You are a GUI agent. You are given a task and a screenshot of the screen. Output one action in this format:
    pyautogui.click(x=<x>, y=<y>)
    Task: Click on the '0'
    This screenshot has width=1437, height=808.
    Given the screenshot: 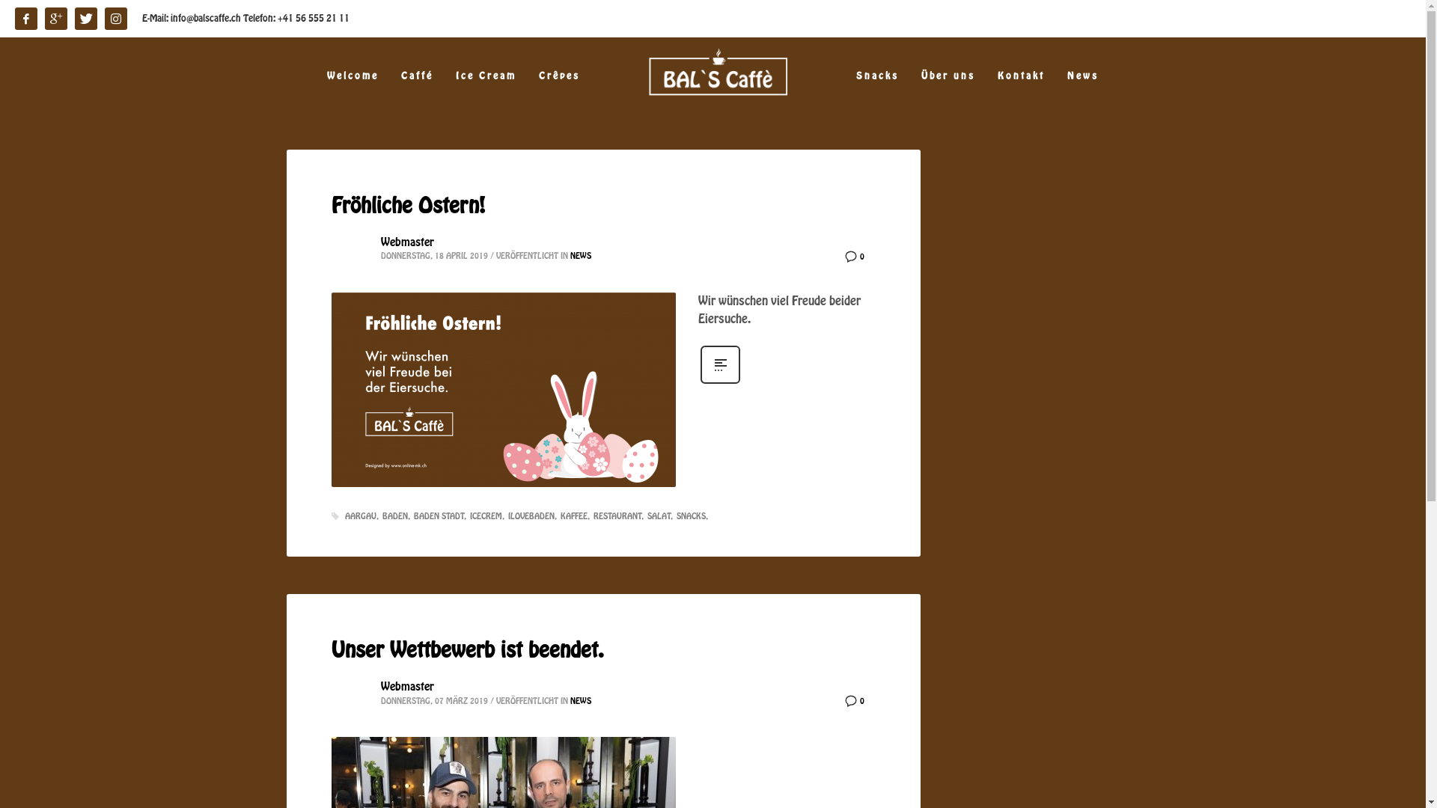 What is the action you would take?
    pyautogui.click(x=854, y=255)
    